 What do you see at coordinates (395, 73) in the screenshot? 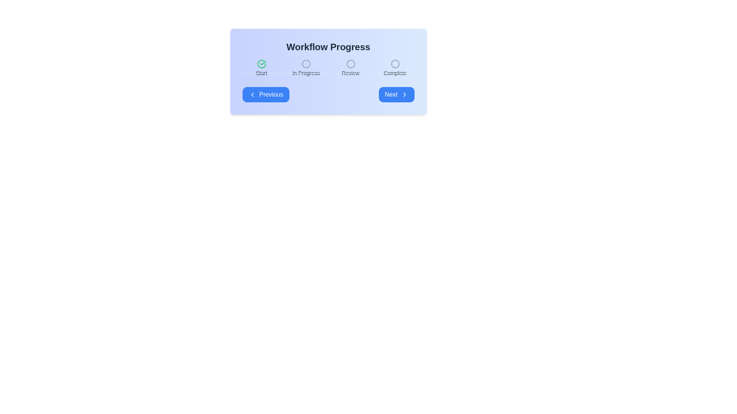
I see `the text label reading 'Complete' which is styled in gray and located below the circular icon in the fourth column of a workflow progress component` at bounding box center [395, 73].